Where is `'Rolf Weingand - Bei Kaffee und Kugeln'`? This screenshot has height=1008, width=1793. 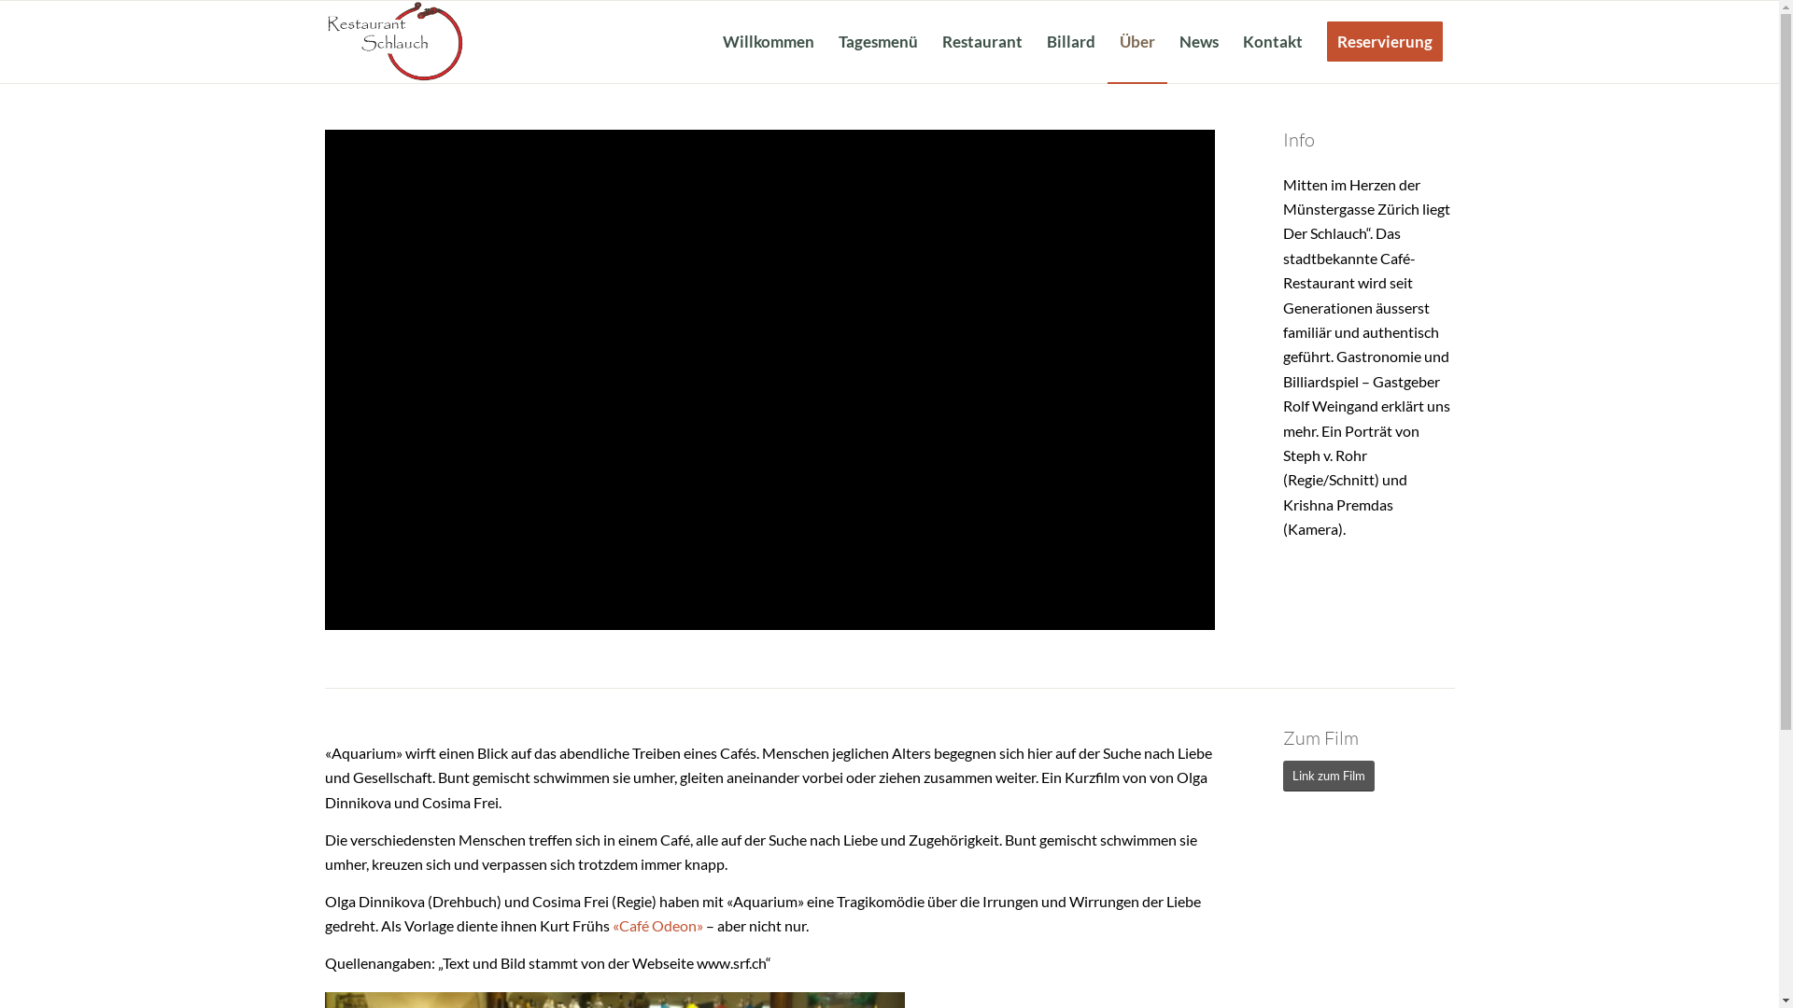 'Rolf Weingand - Bei Kaffee und Kugeln' is located at coordinates (769, 379).